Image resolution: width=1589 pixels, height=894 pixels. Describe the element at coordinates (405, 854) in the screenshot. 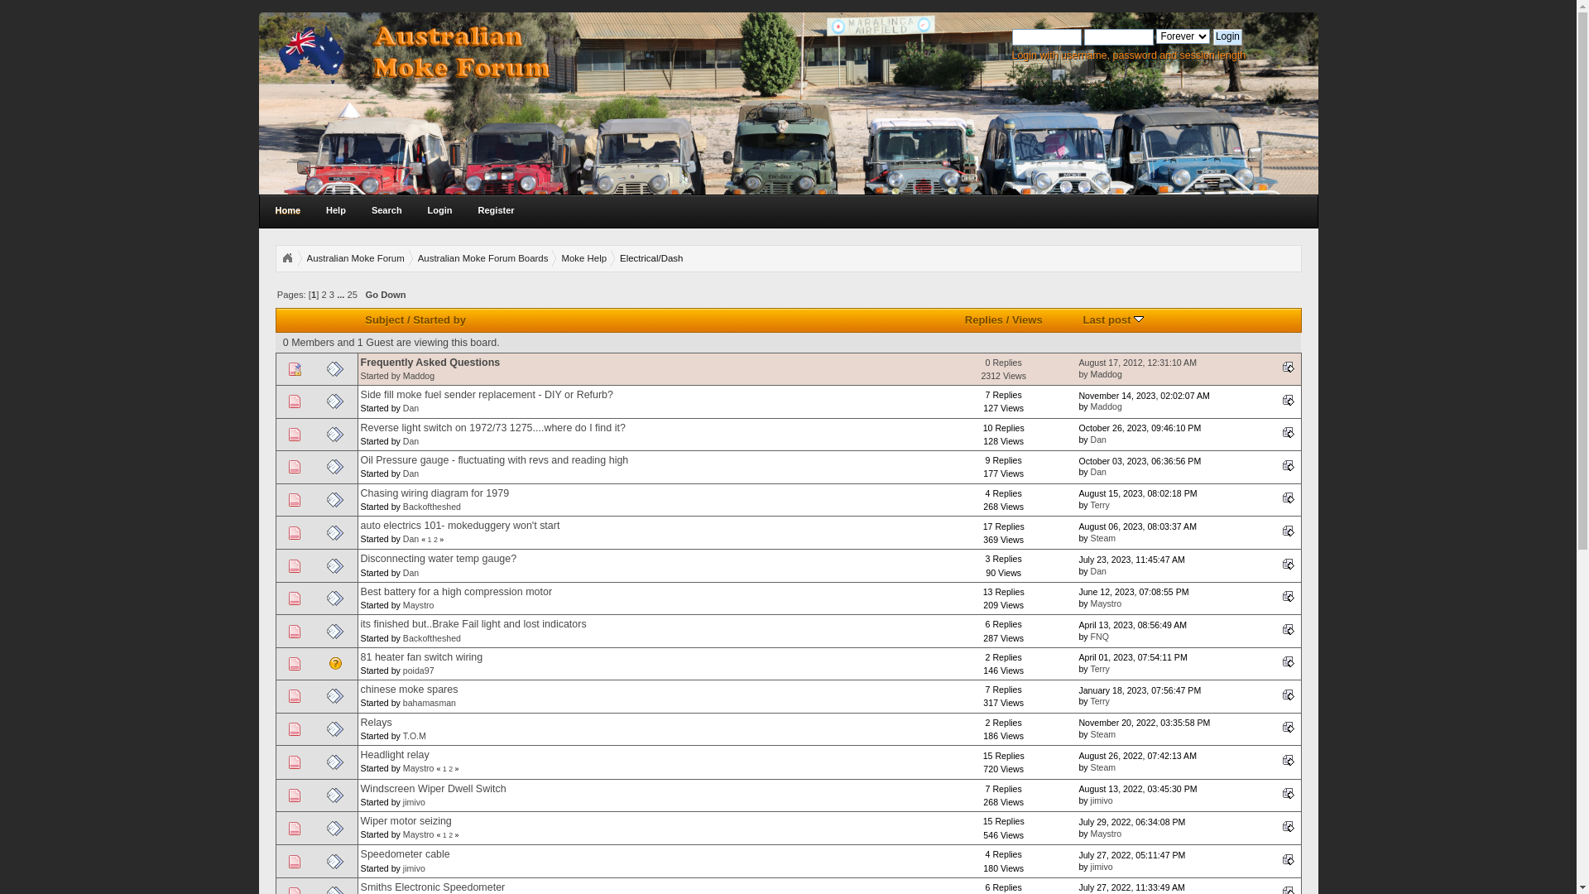

I see `'Speedometer cable'` at that location.